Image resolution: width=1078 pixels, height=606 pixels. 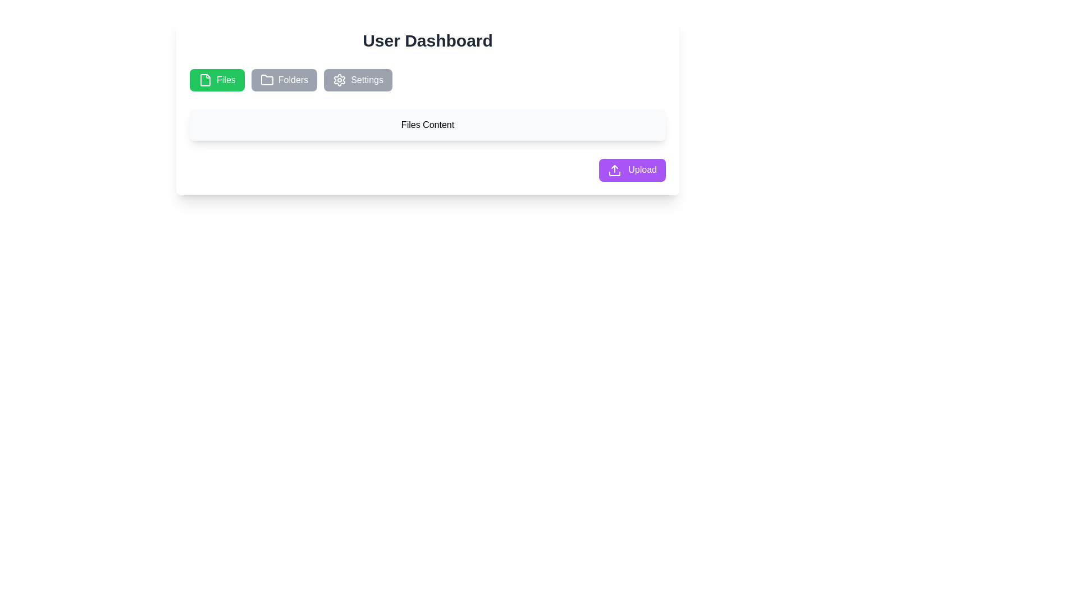 What do you see at coordinates (614, 170) in the screenshot?
I see `the upload icon located within the 'Upload' button at the bottom-right corner of the interface` at bounding box center [614, 170].